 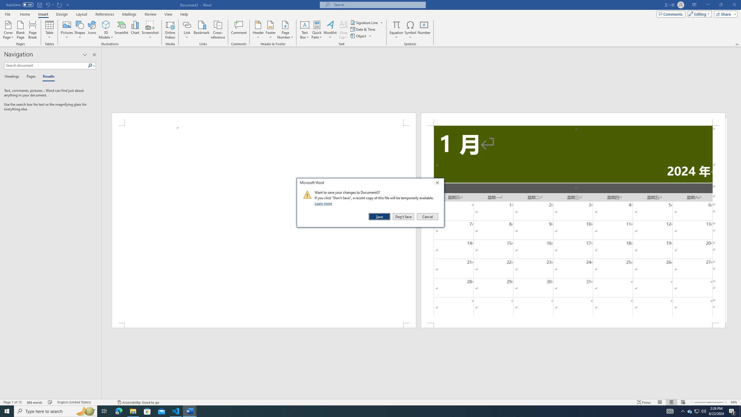 What do you see at coordinates (121, 30) in the screenshot?
I see `'SmartArt...'` at bounding box center [121, 30].